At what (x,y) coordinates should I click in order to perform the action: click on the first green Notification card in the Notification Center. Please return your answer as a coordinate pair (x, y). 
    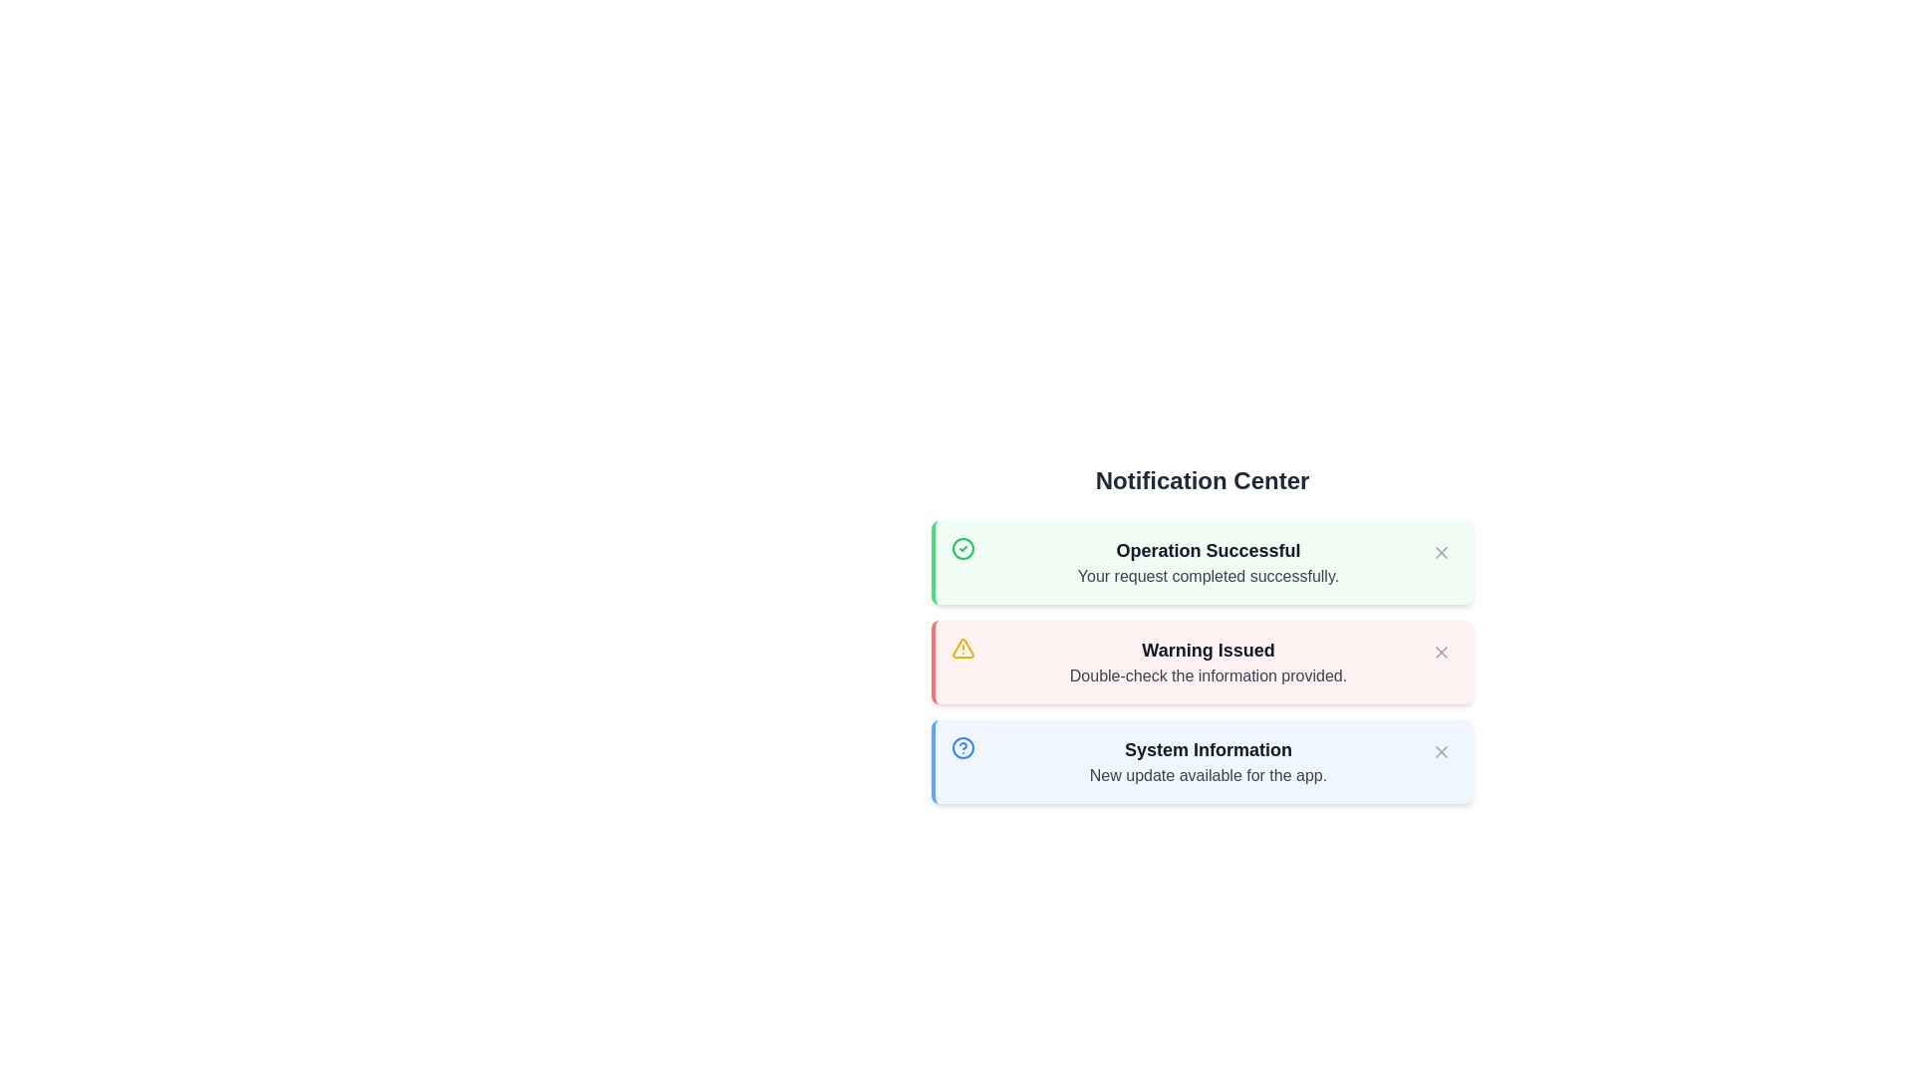
    Looking at the image, I should click on (1201, 562).